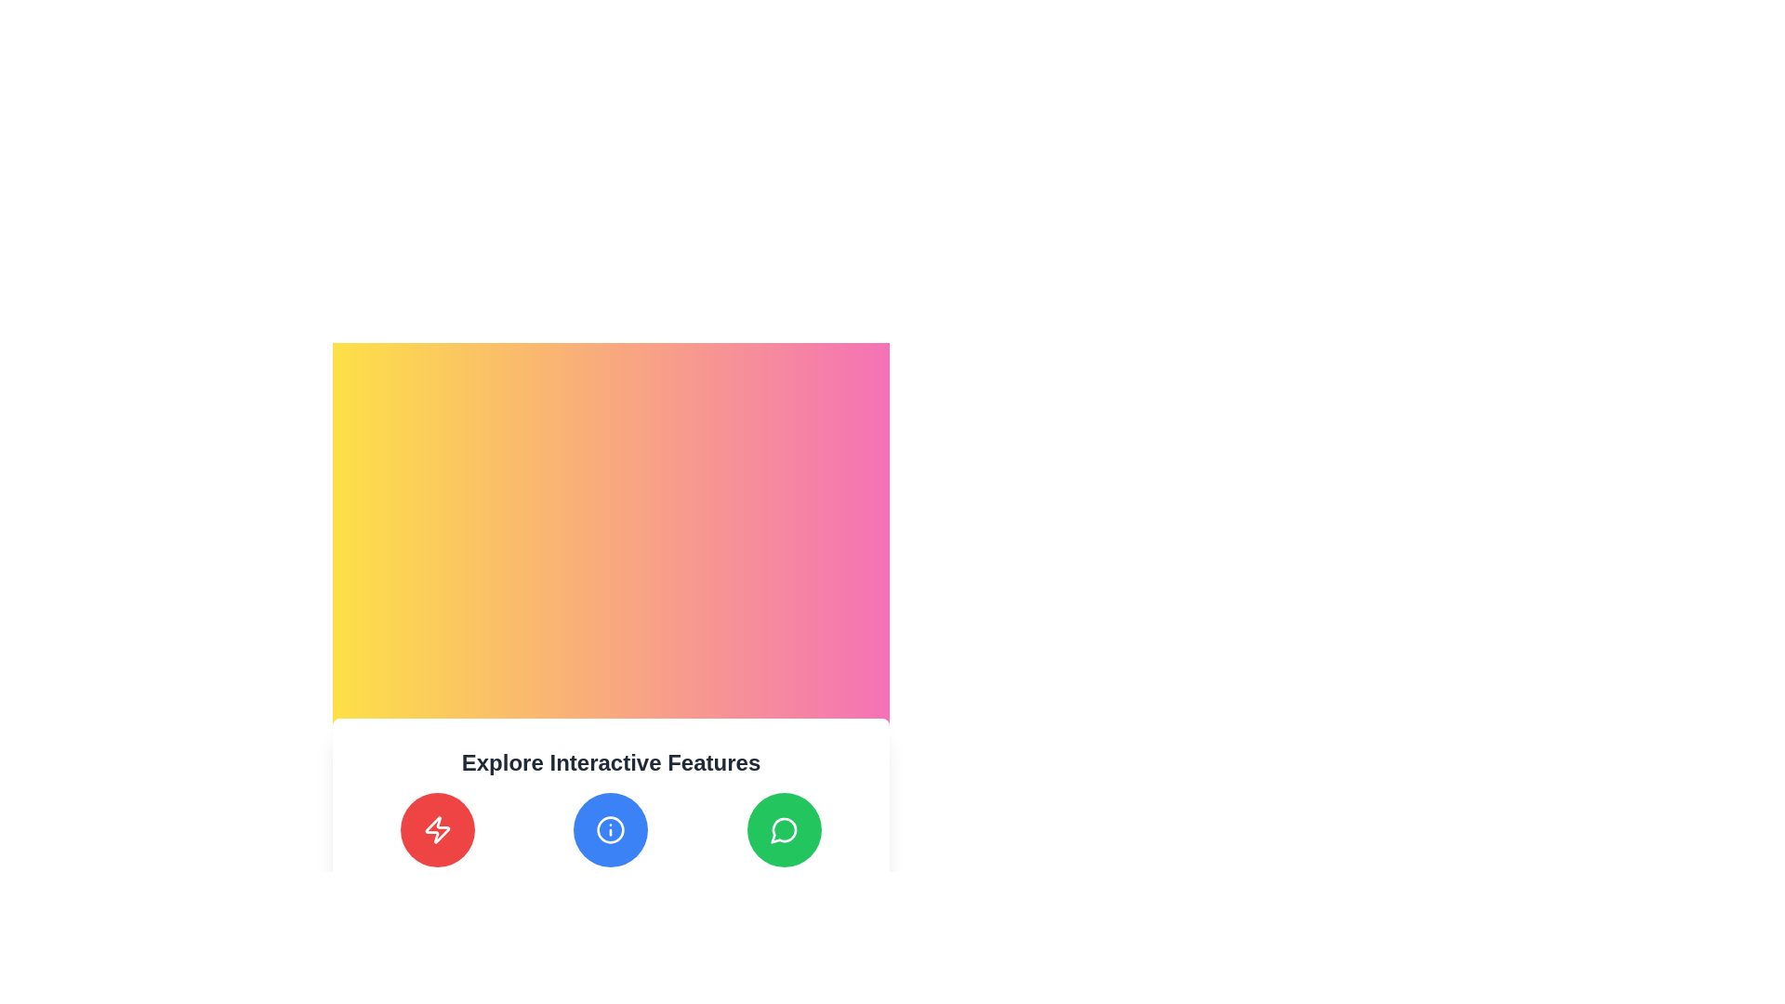  Describe the element at coordinates (437, 829) in the screenshot. I see `the icon within the circular button located to the far left of the row of similar buttons below the 'Explore Interactive Features' text prompt` at that location.